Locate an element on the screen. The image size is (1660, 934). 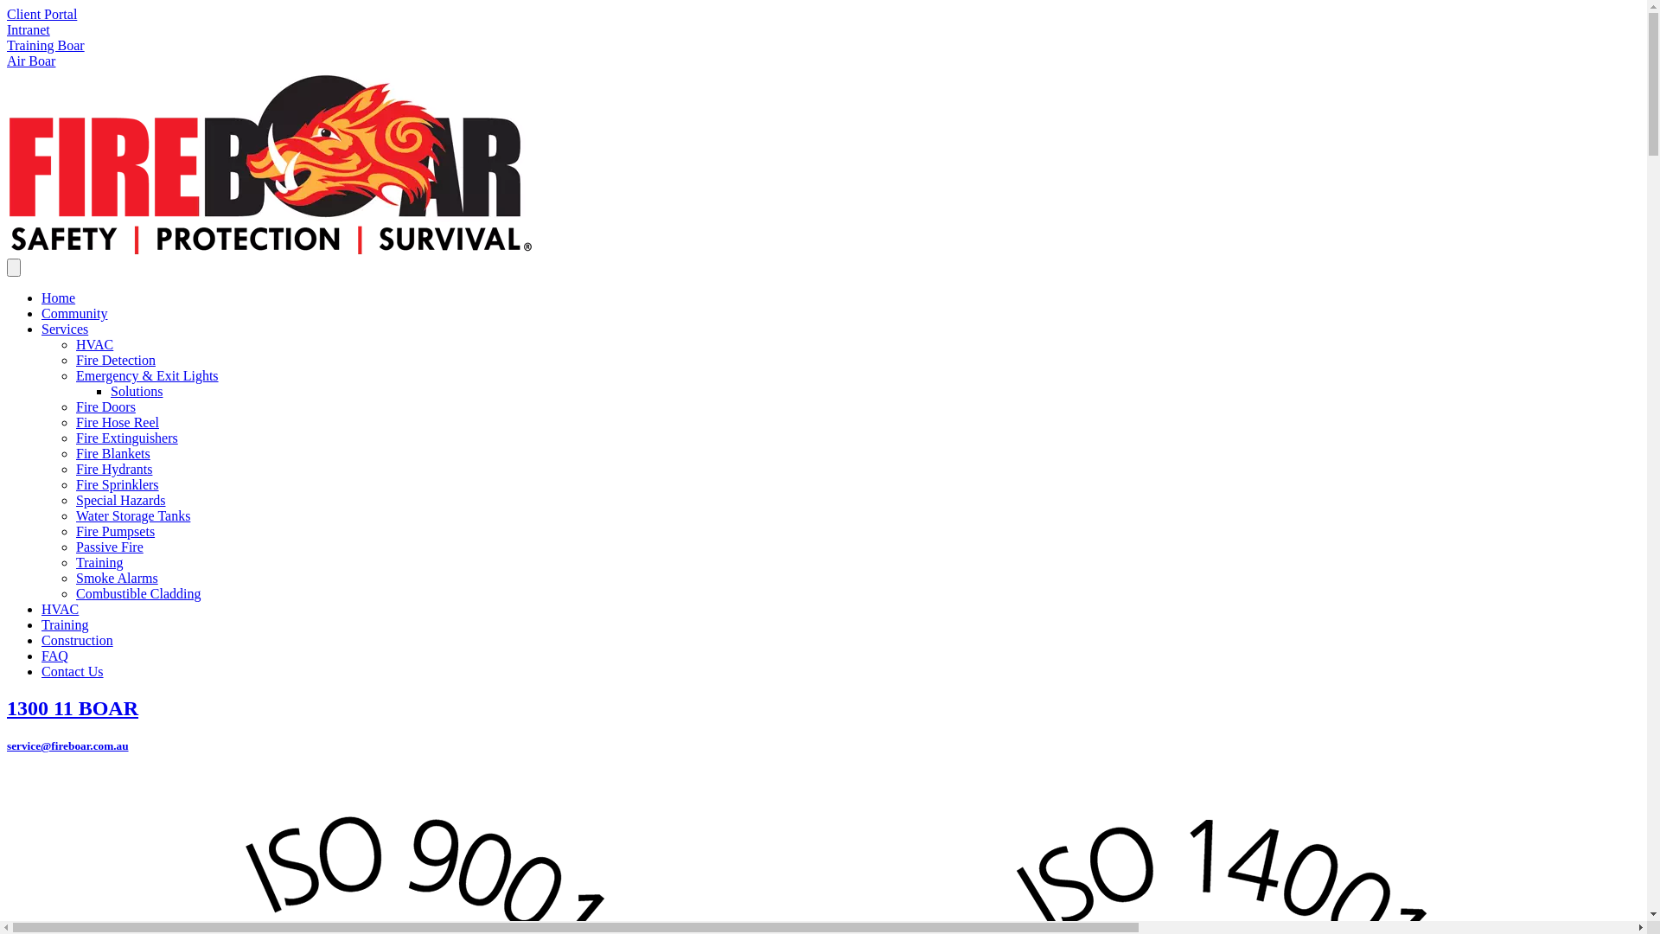
'service@fireboar.com.au' is located at coordinates (67, 745).